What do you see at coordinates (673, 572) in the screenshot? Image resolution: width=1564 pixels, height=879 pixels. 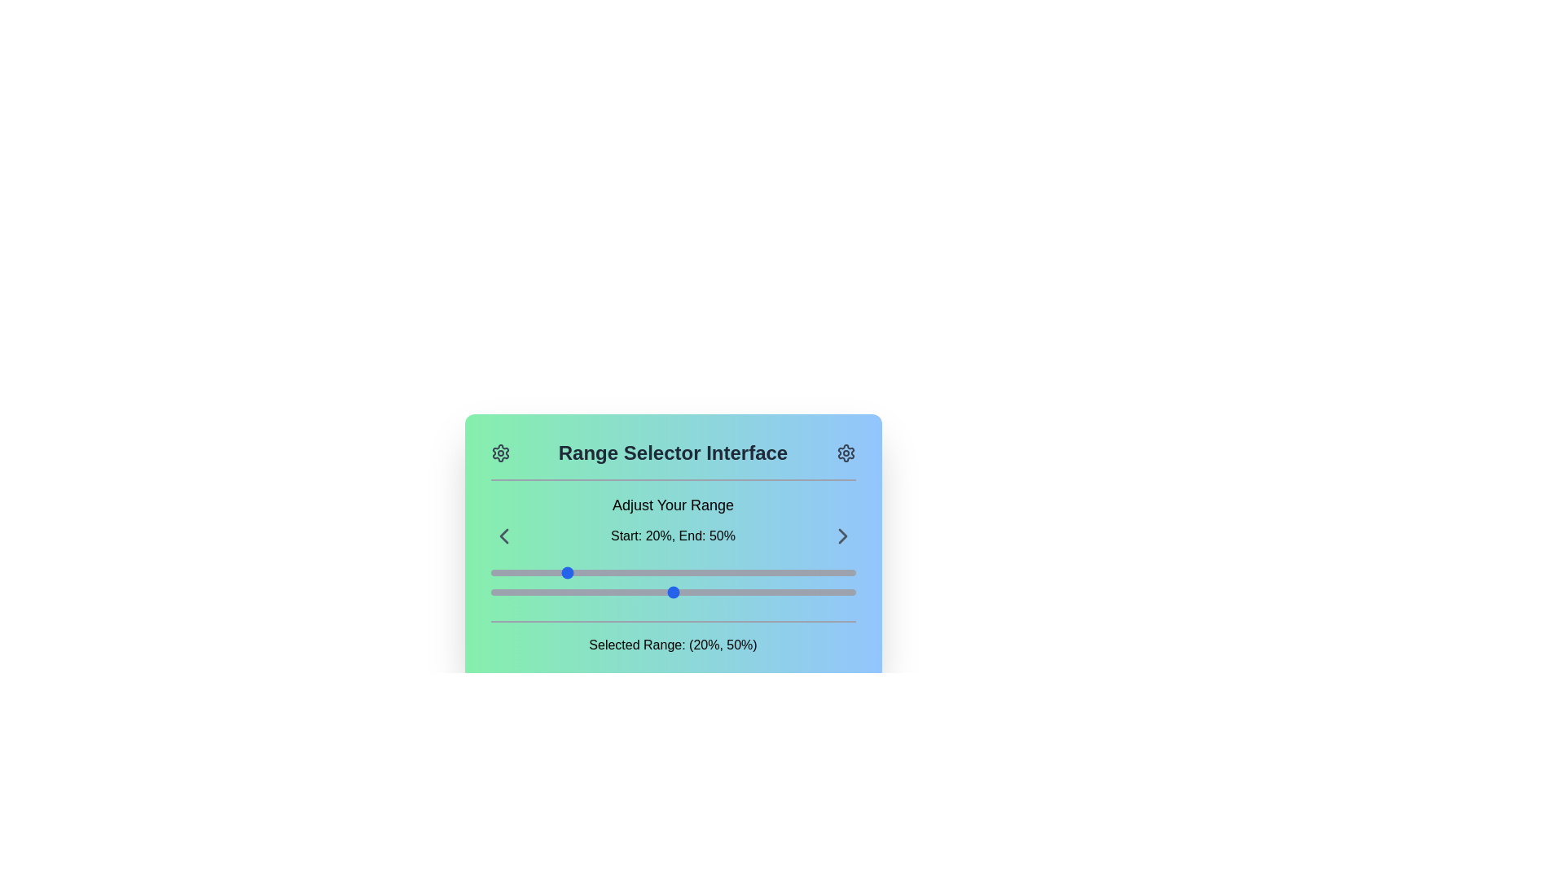 I see `the first horizontal slider located below the text 'Start: 20%, End: 50%' to change its value` at bounding box center [673, 572].